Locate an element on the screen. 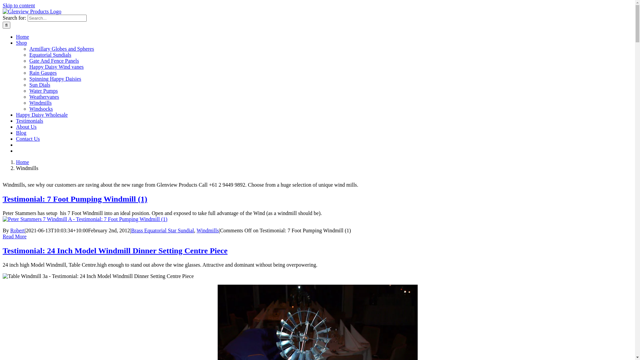 The image size is (640, 360). 'About Us' is located at coordinates (26, 127).